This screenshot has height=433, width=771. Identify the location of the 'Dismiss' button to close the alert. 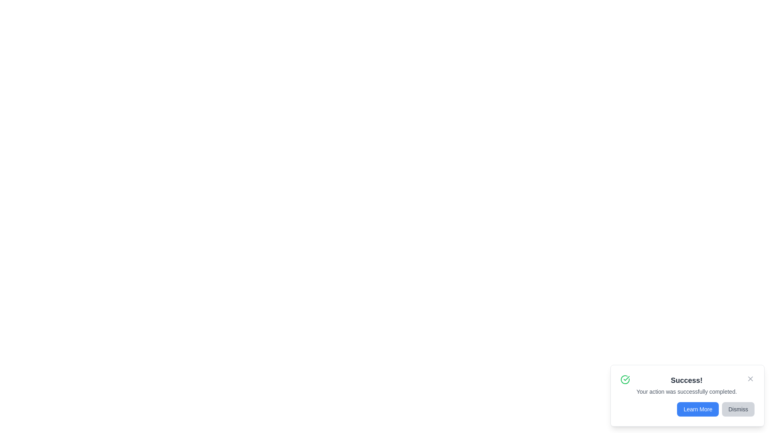
(738, 409).